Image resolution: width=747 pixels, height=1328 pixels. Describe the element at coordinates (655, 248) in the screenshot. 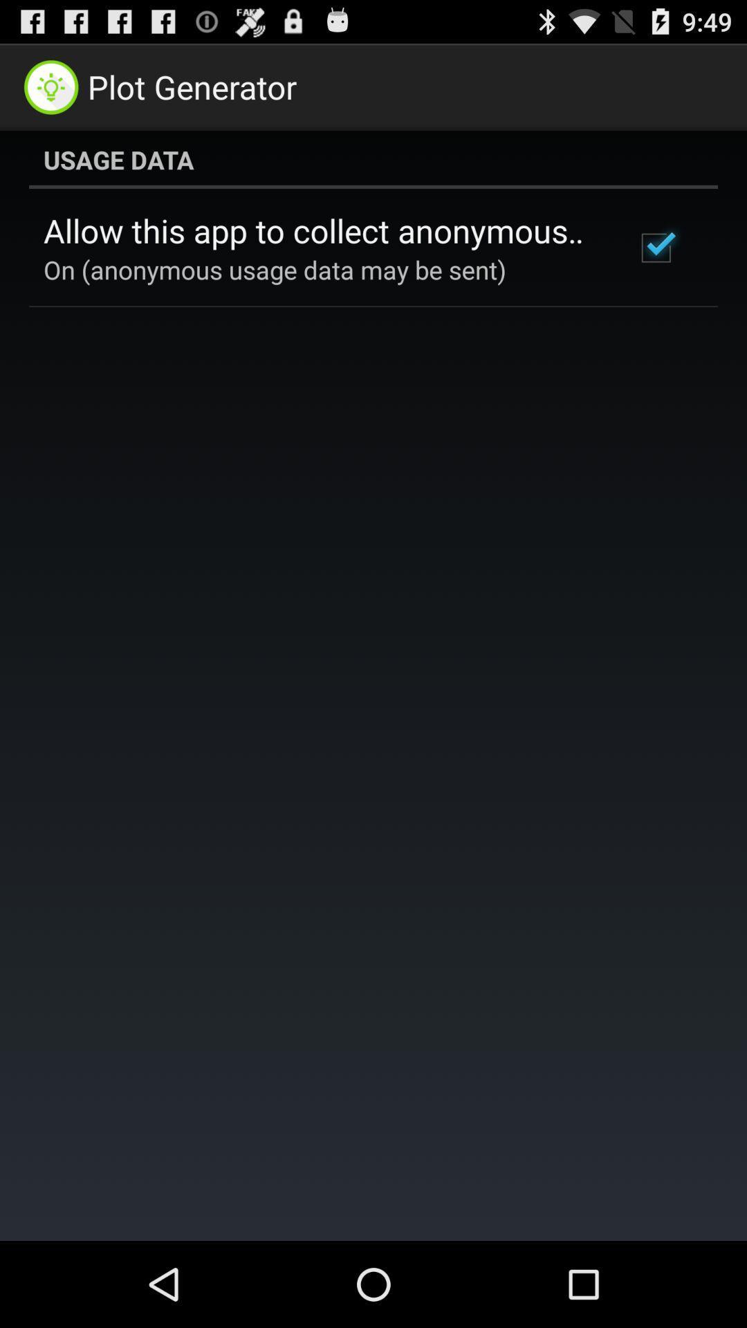

I see `icon to the right of allow this app item` at that location.